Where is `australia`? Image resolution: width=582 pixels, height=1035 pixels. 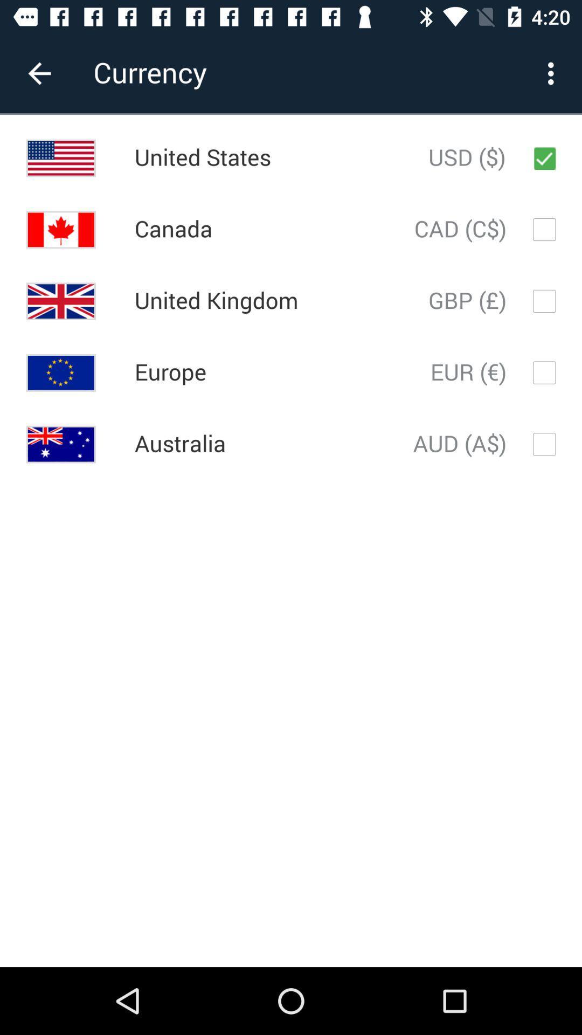
australia is located at coordinates (179, 444).